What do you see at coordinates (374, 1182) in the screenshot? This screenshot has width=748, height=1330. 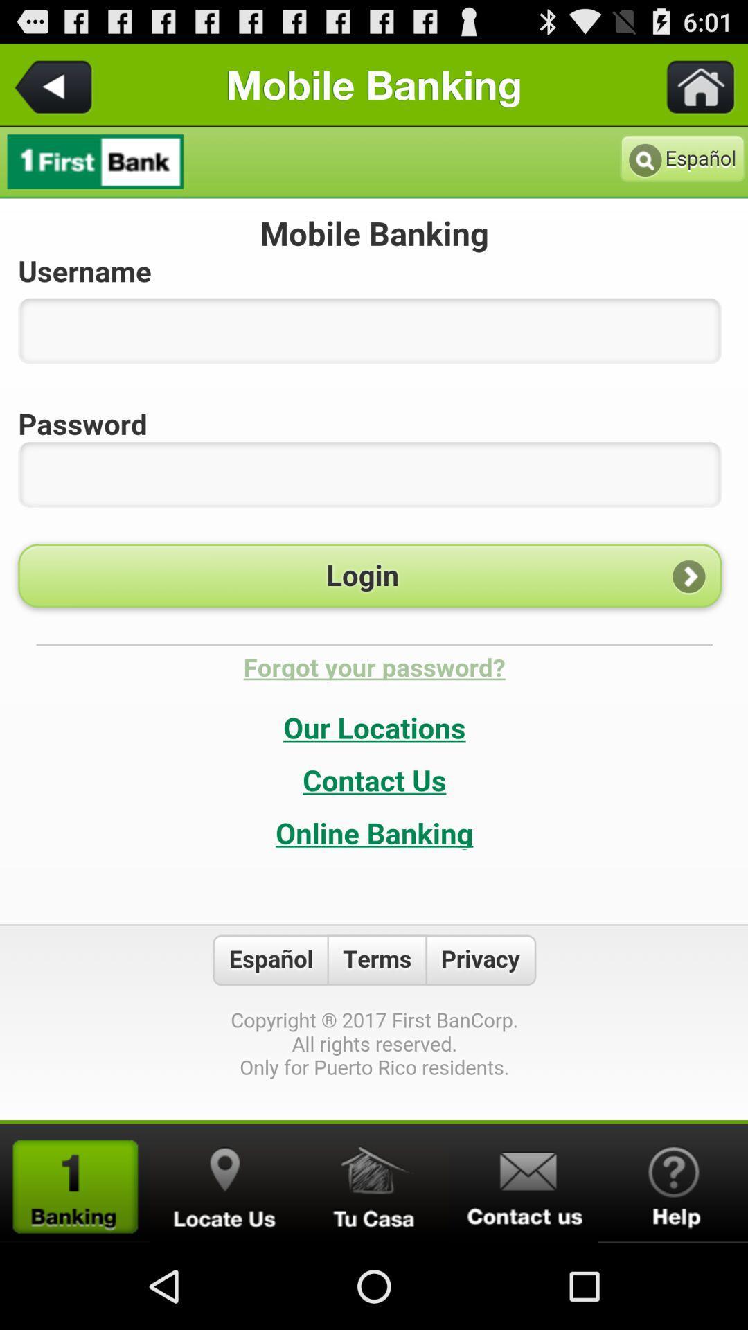 I see `item` at bounding box center [374, 1182].